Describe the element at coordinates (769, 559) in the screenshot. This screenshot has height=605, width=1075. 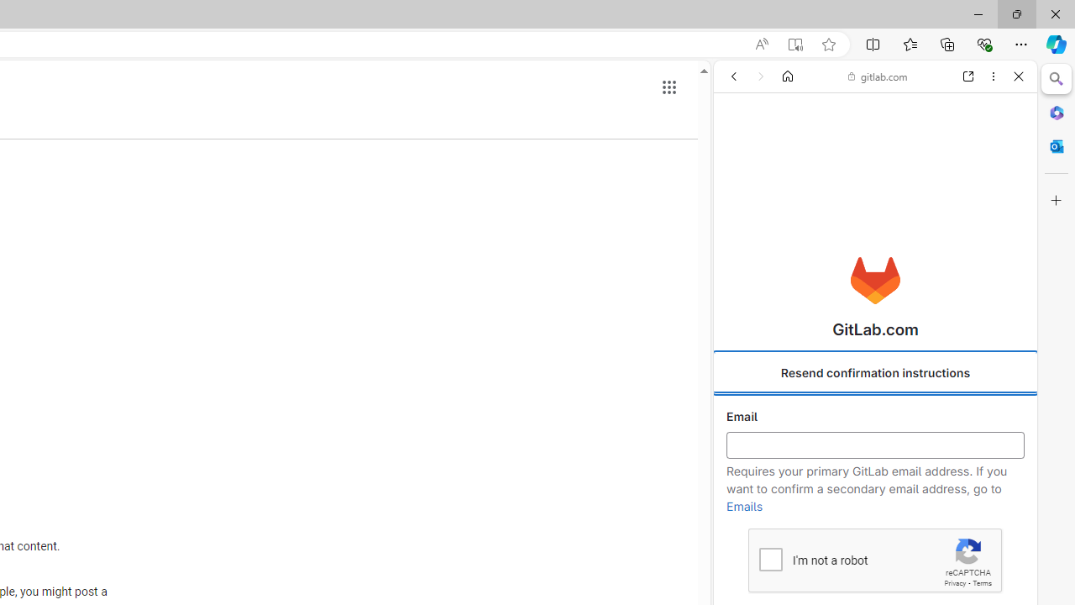
I see `'I'` at that location.